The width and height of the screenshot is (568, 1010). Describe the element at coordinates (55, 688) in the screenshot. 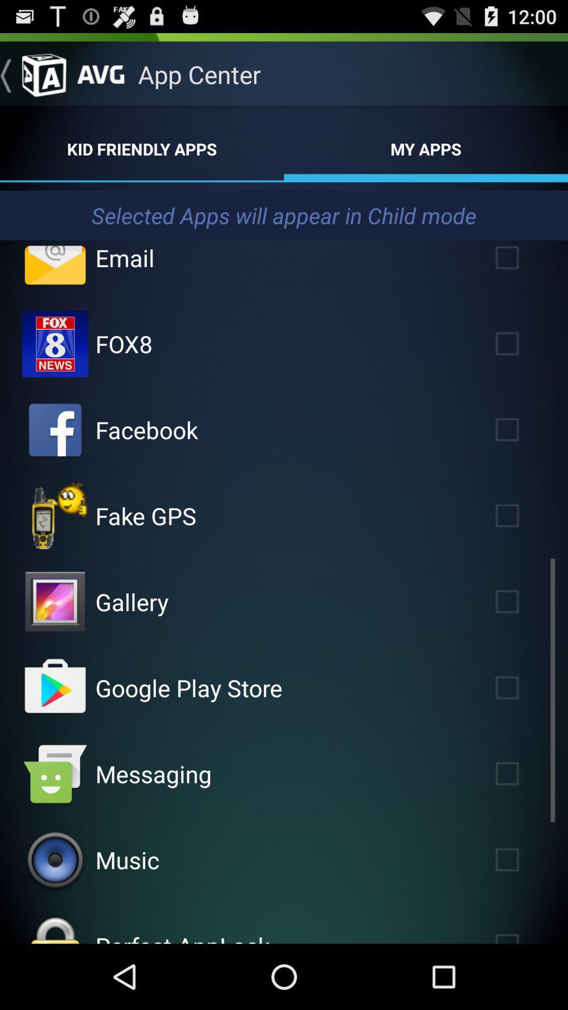

I see `google apps` at that location.